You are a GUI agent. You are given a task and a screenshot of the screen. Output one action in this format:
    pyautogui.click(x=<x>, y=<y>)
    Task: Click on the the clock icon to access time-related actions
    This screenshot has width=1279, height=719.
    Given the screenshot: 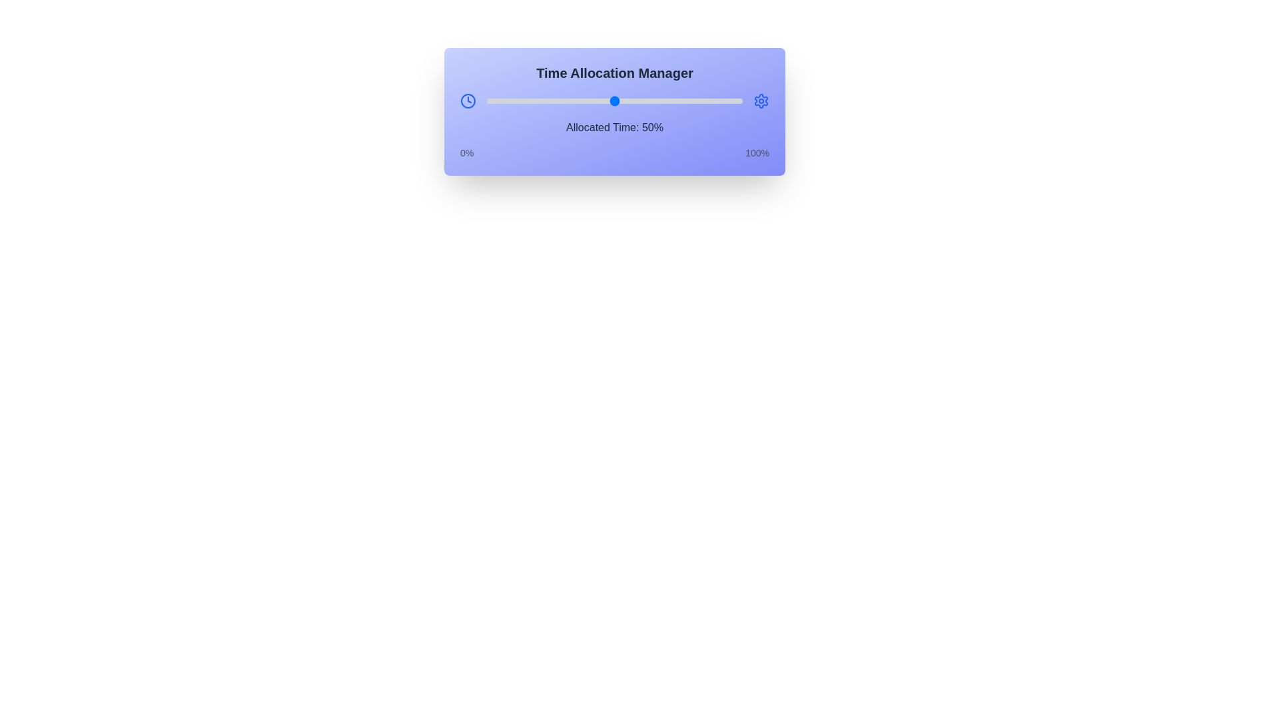 What is the action you would take?
    pyautogui.click(x=468, y=100)
    